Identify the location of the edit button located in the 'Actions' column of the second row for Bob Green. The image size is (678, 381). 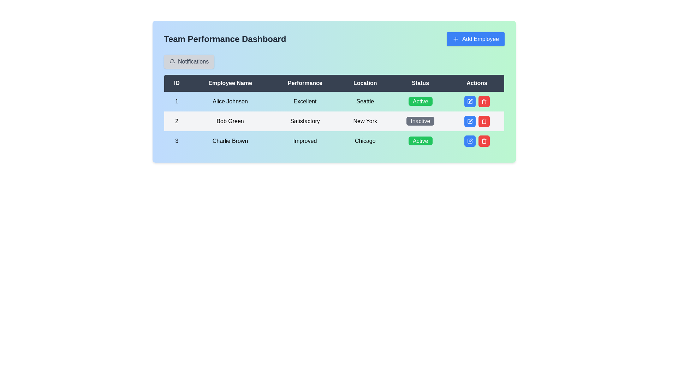
(469, 121).